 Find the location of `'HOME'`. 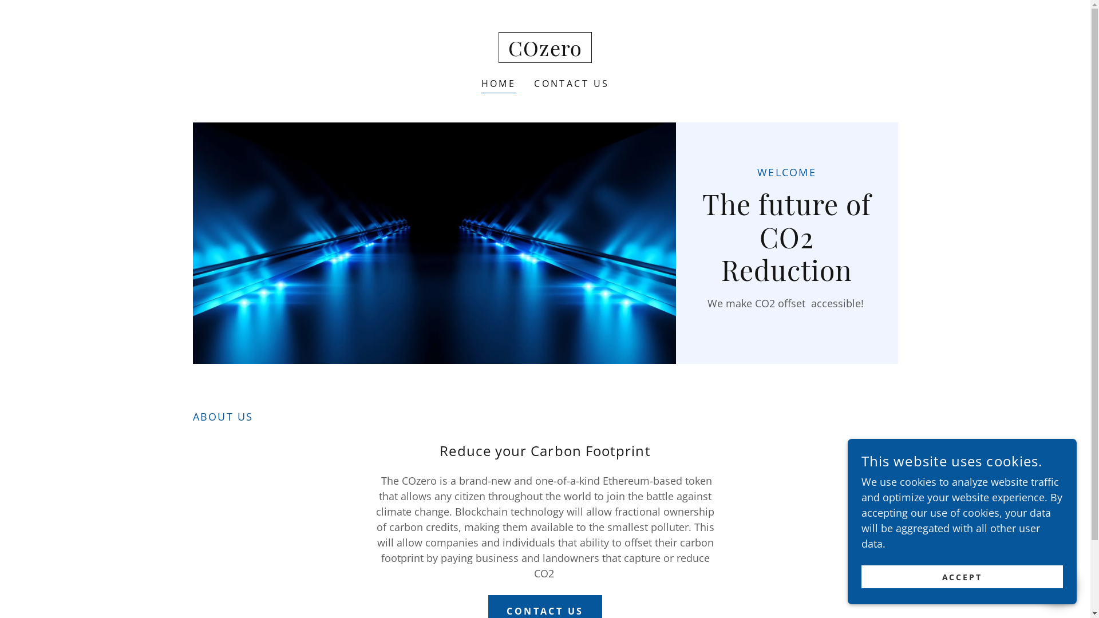

'HOME' is located at coordinates (481, 84).